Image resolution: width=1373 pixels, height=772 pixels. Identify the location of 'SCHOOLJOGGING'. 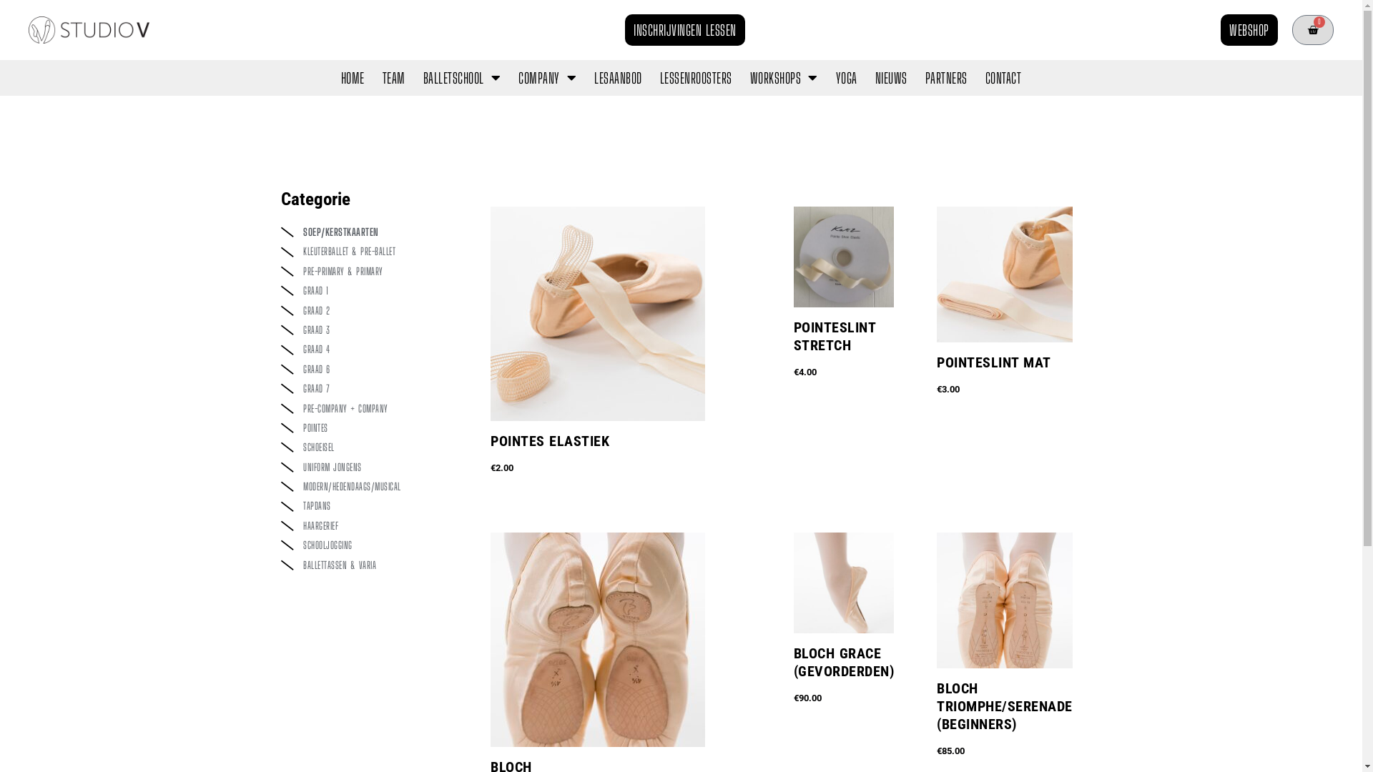
(370, 545).